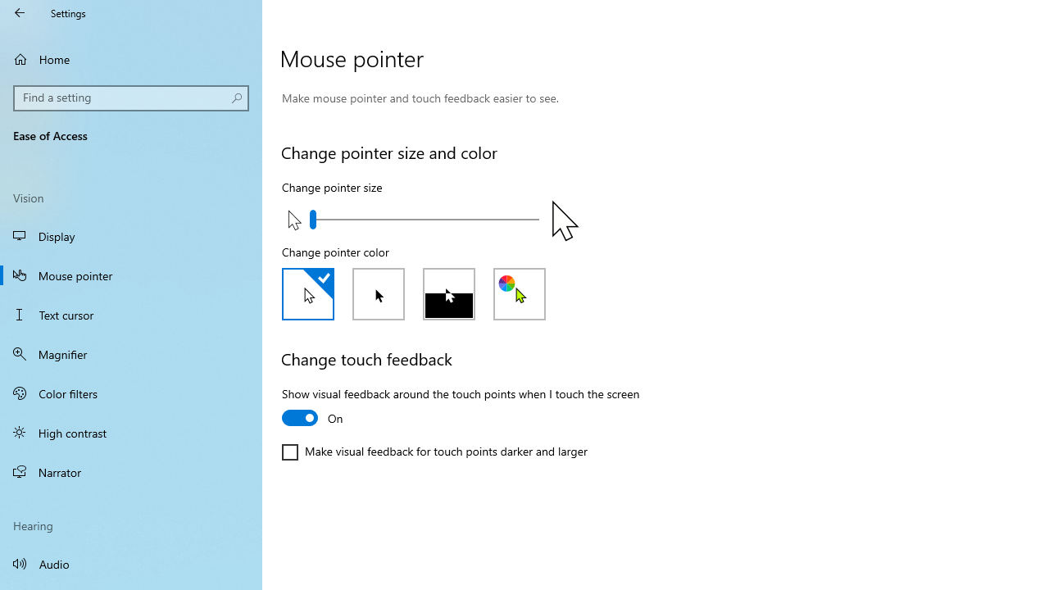  I want to click on 'Custom', so click(519, 293).